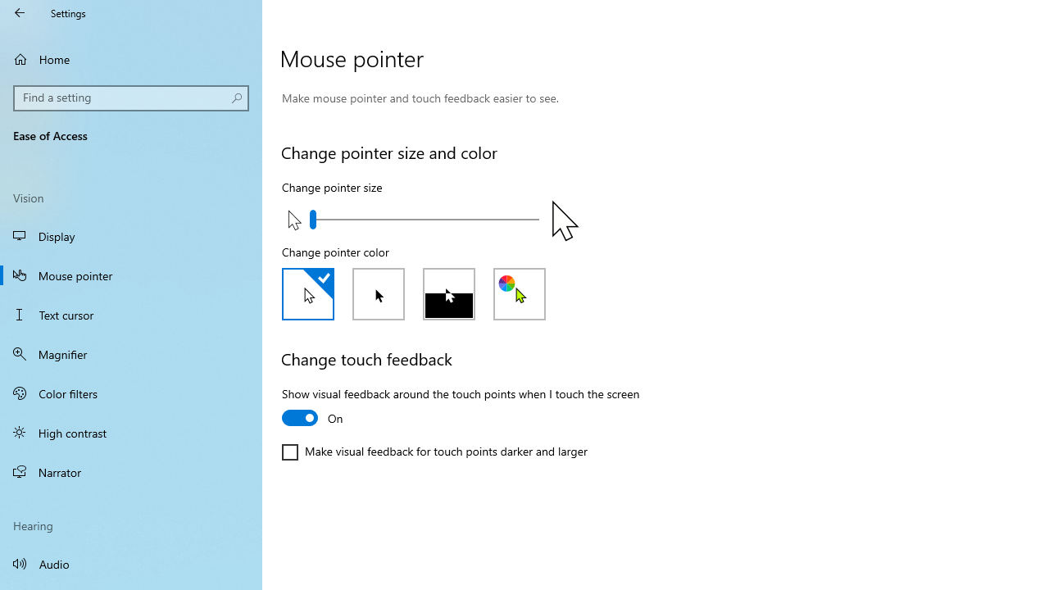  I want to click on 'Custom', so click(519, 293).